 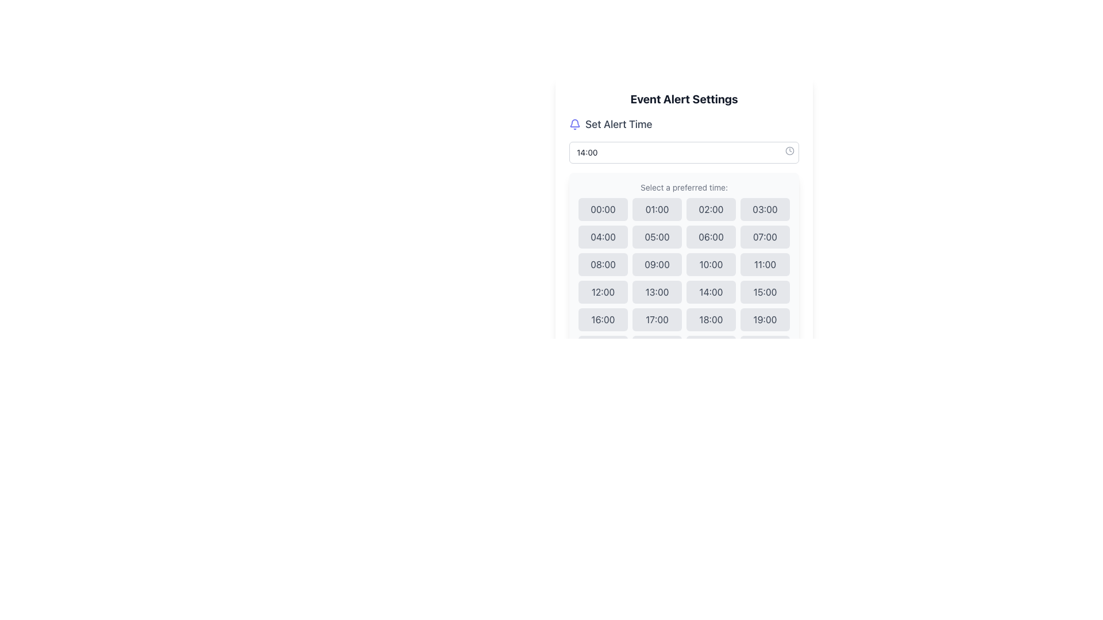 I want to click on the button labeled '10:00' which is the third button in the third row of a 4x6 grid layout, so click(x=711, y=265).